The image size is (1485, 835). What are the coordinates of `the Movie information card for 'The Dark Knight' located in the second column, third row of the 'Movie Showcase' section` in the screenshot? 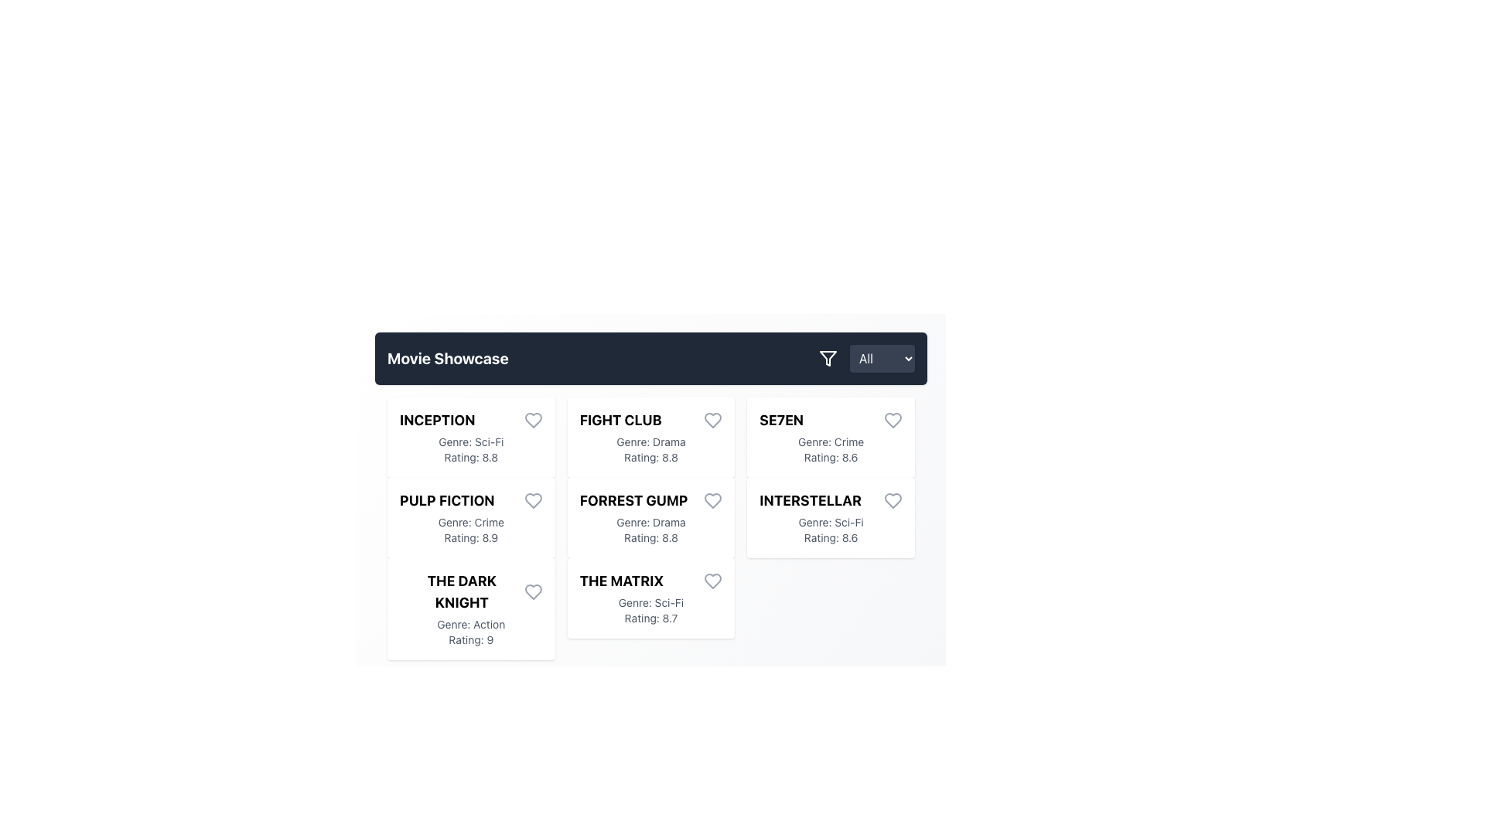 It's located at (470, 608).